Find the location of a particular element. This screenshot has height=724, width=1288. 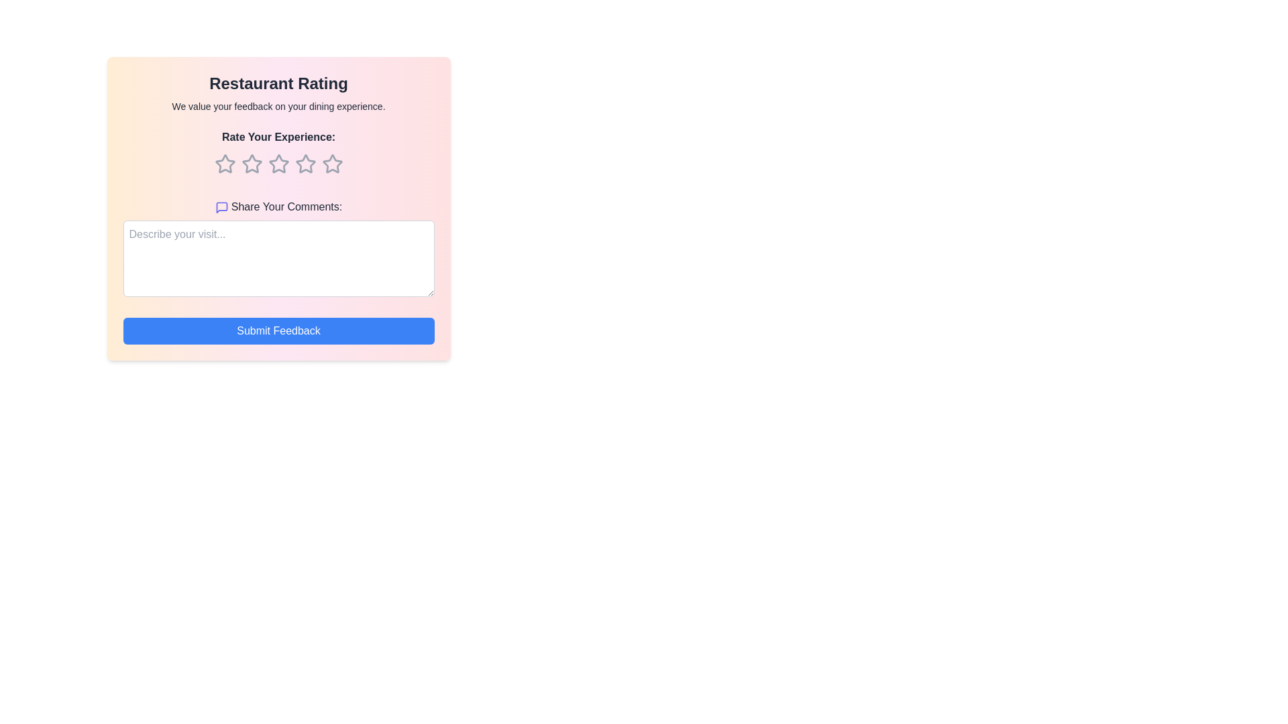

the text label that reads 'Rate Your Experience:', which is styled with bold serif typography and positioned prominently on a light background, located below the heading 'Restaurant Rating' is located at coordinates (278, 137).